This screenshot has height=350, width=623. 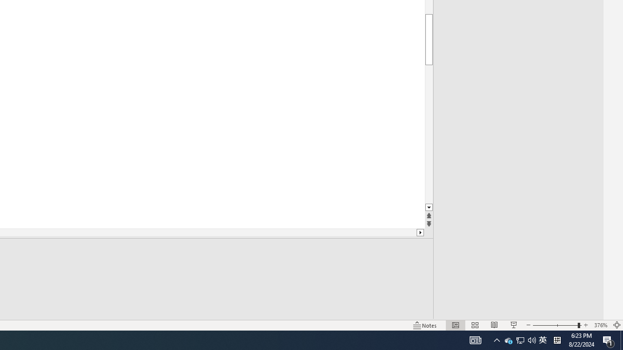 What do you see at coordinates (616, 325) in the screenshot?
I see `'Zoom to Fit '` at bounding box center [616, 325].